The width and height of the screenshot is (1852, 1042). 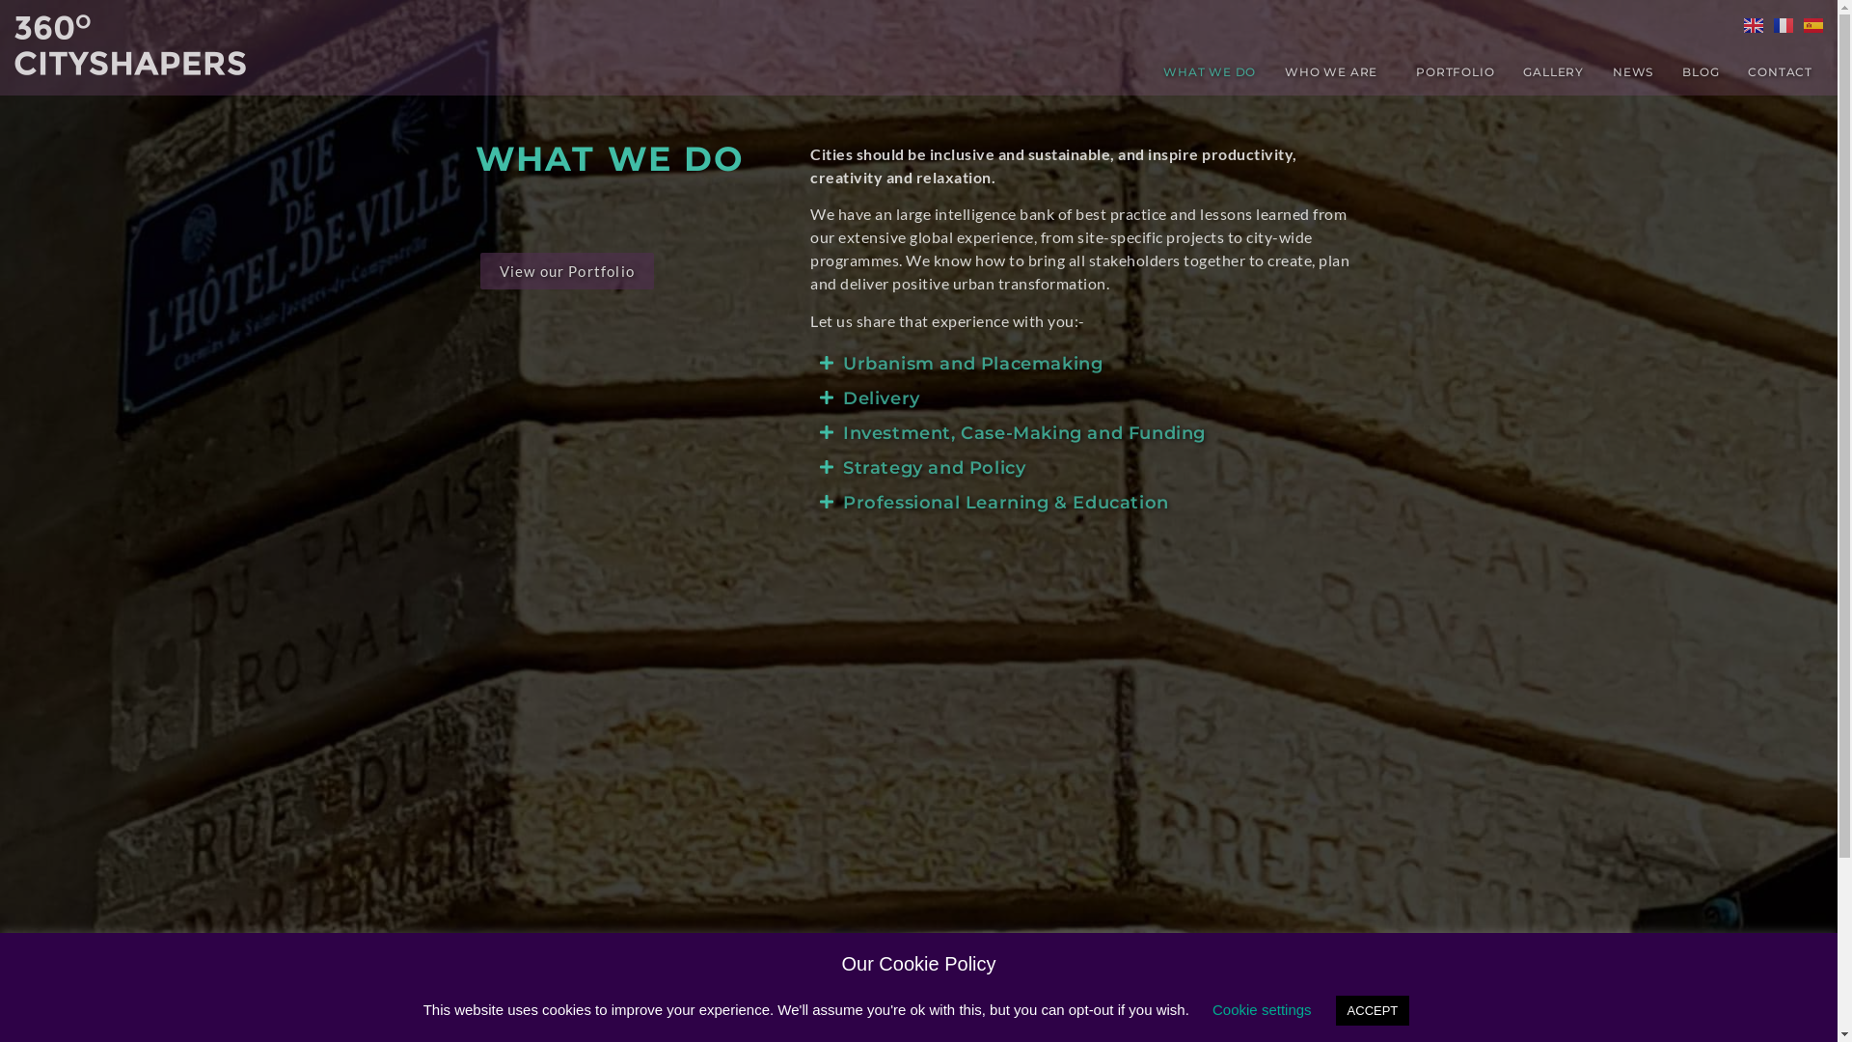 What do you see at coordinates (1335, 70) in the screenshot?
I see `'WHO WE ARE'` at bounding box center [1335, 70].